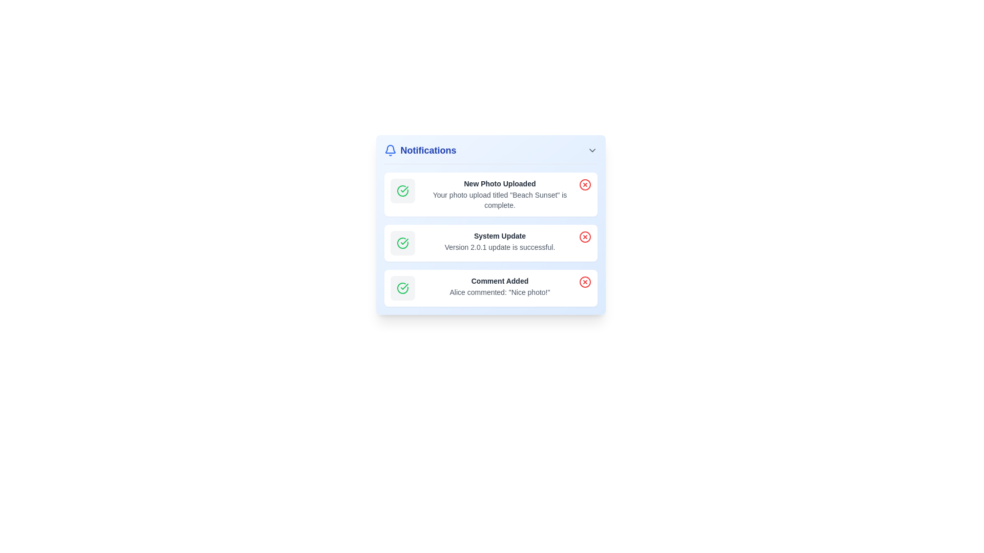 The image size is (984, 553). Describe the element at coordinates (402, 288) in the screenshot. I see `the circular icon with a green checkmark, indicating completion, located next to the text 'Comment Added Alice commented: "Nice photo!"' in the third notification block` at that location.